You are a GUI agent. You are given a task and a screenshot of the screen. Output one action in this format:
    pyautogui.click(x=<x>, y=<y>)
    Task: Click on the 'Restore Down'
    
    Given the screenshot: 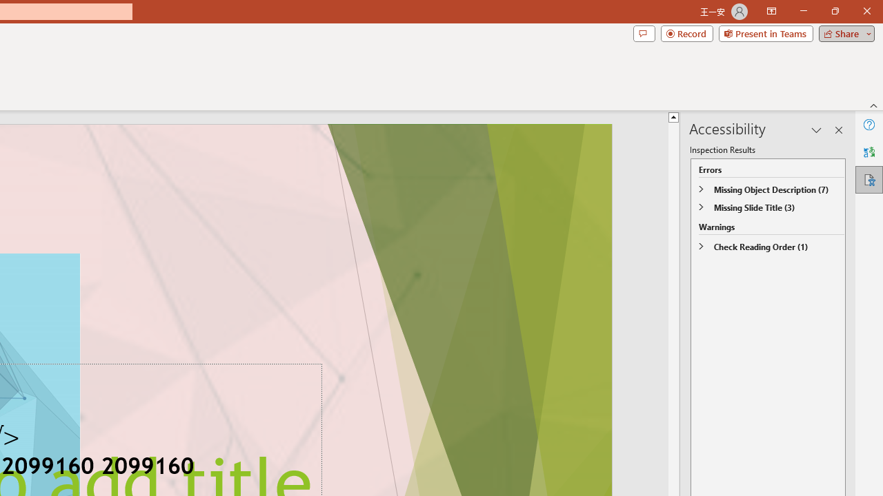 What is the action you would take?
    pyautogui.click(x=834, y=11)
    